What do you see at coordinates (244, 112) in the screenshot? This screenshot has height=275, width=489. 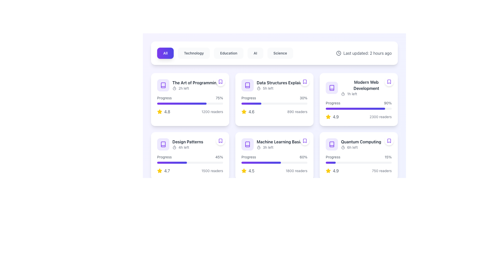 I see `the star icon representing the rating in the second card from the left in the middle row of the grid layout` at bounding box center [244, 112].